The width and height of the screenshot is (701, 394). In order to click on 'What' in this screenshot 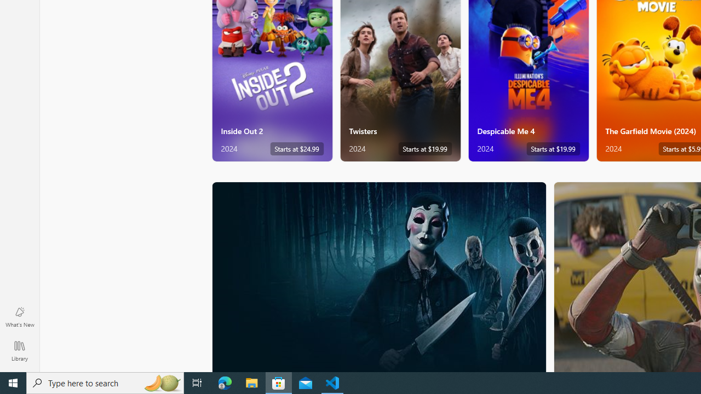, I will do `click(19, 316)`.